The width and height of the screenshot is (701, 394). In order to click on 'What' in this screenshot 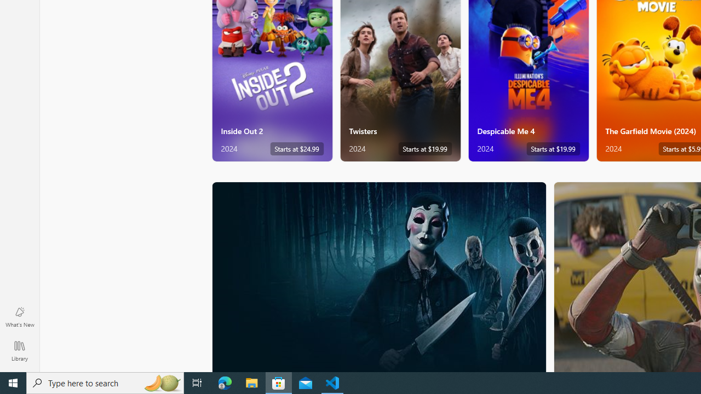, I will do `click(19, 316)`.